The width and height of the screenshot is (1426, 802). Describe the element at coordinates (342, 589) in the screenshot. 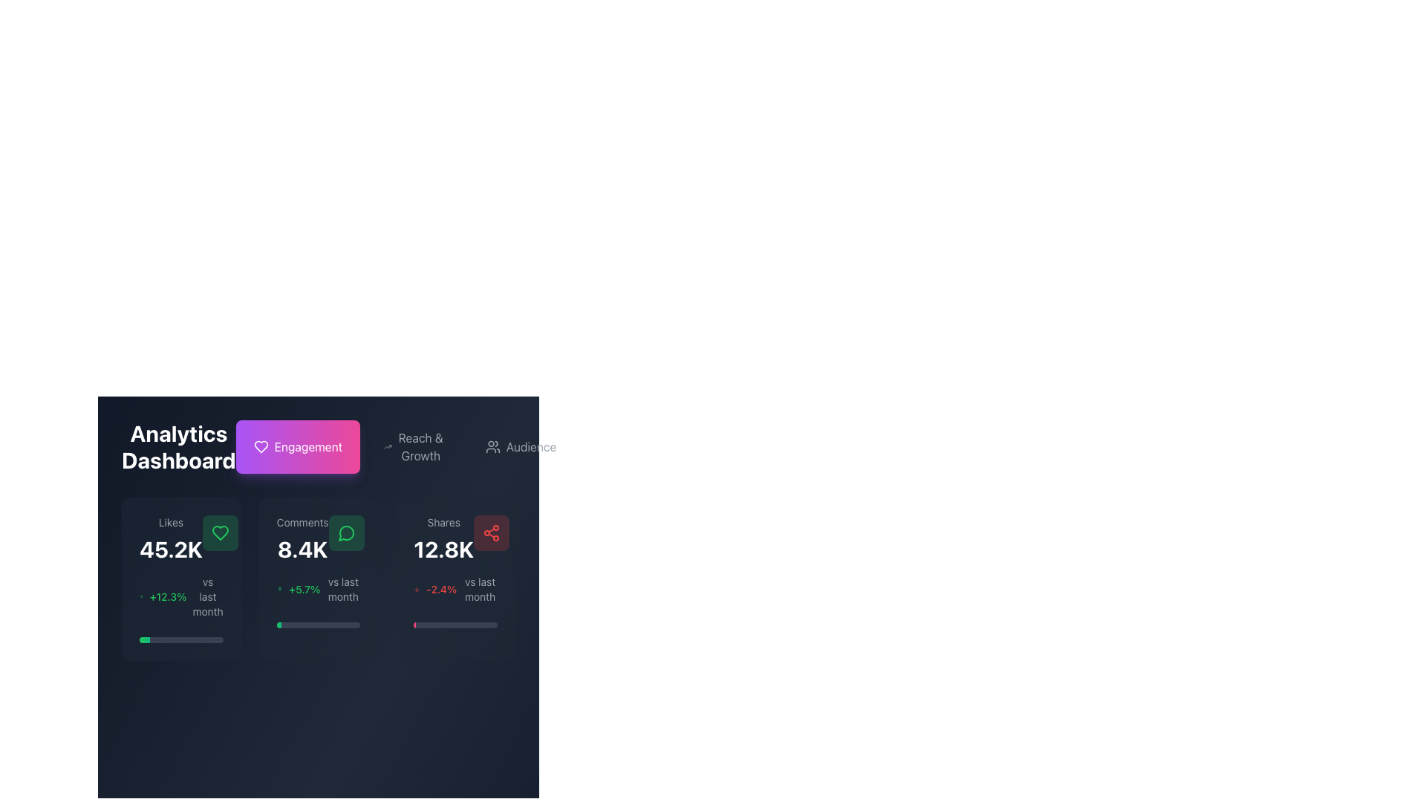

I see `the text label displaying 'vs last month' located below the '+5.7%' text in the 'Comments' section of the dashboard` at that location.